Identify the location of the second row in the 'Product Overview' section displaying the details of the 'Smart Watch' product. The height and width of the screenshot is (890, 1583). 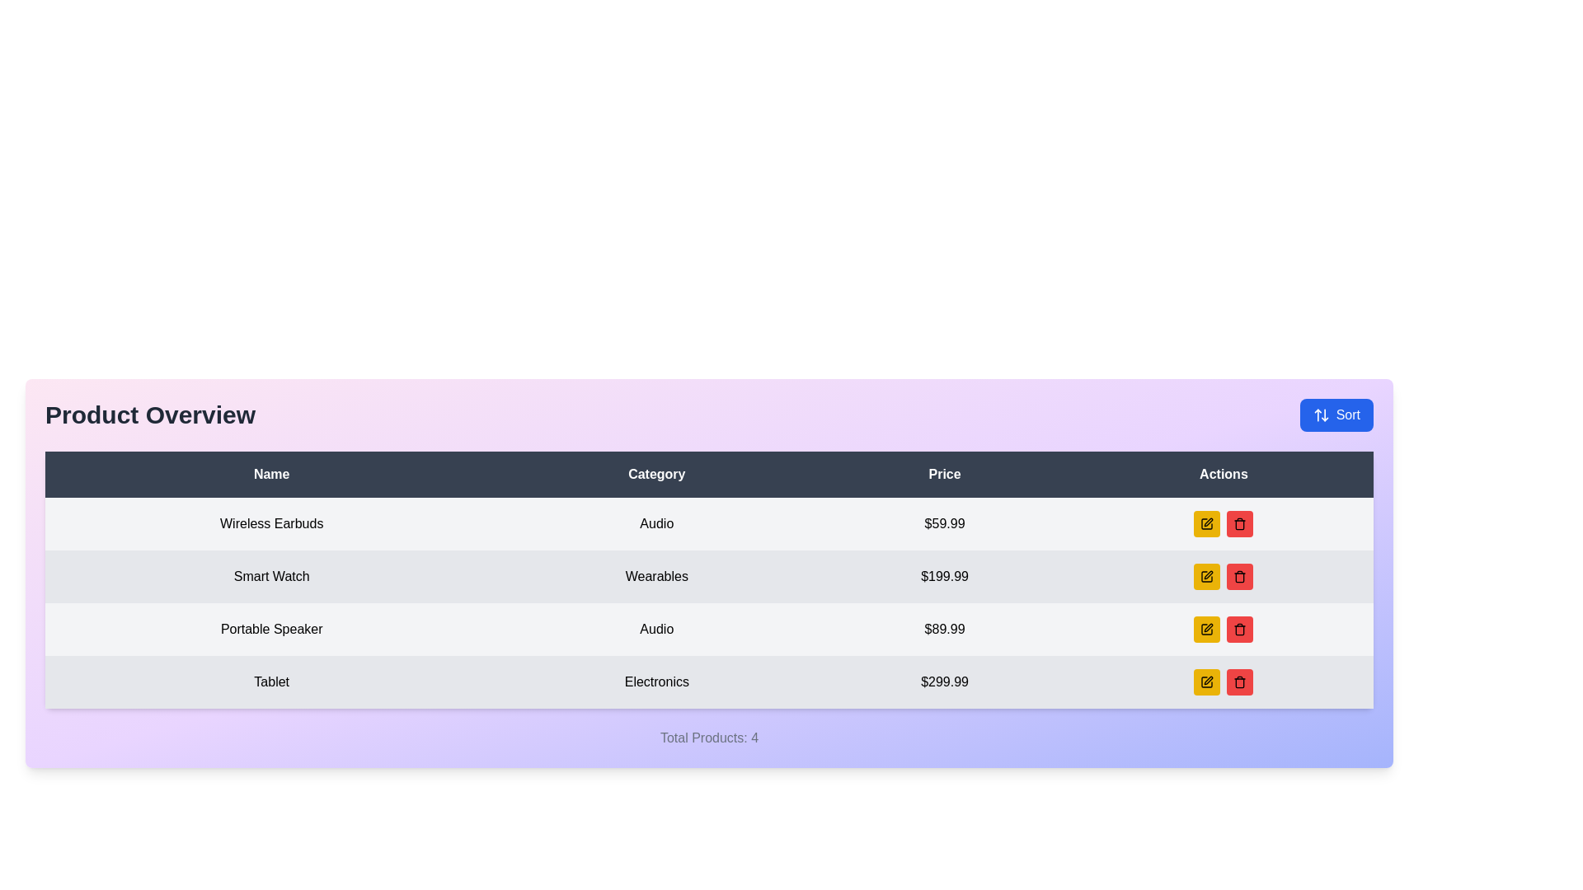
(709, 575).